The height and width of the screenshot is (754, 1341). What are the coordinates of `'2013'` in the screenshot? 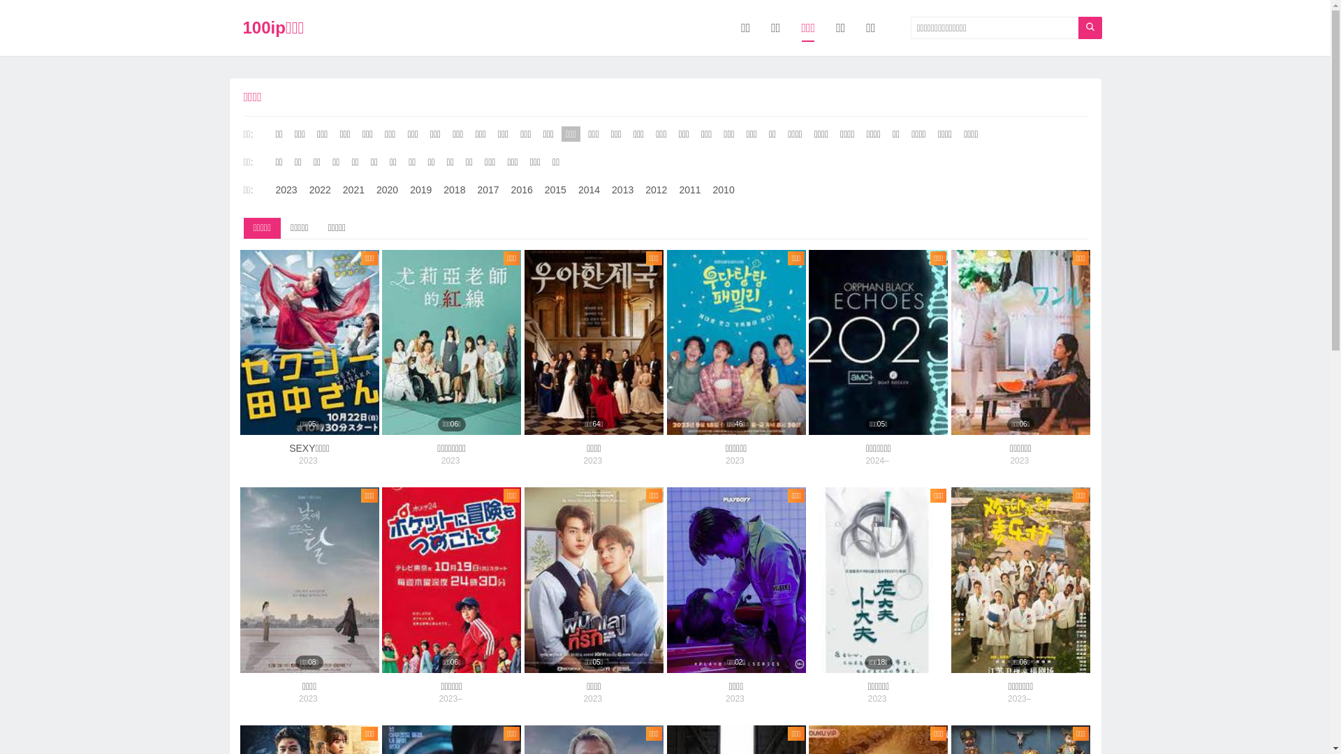 It's located at (607, 190).